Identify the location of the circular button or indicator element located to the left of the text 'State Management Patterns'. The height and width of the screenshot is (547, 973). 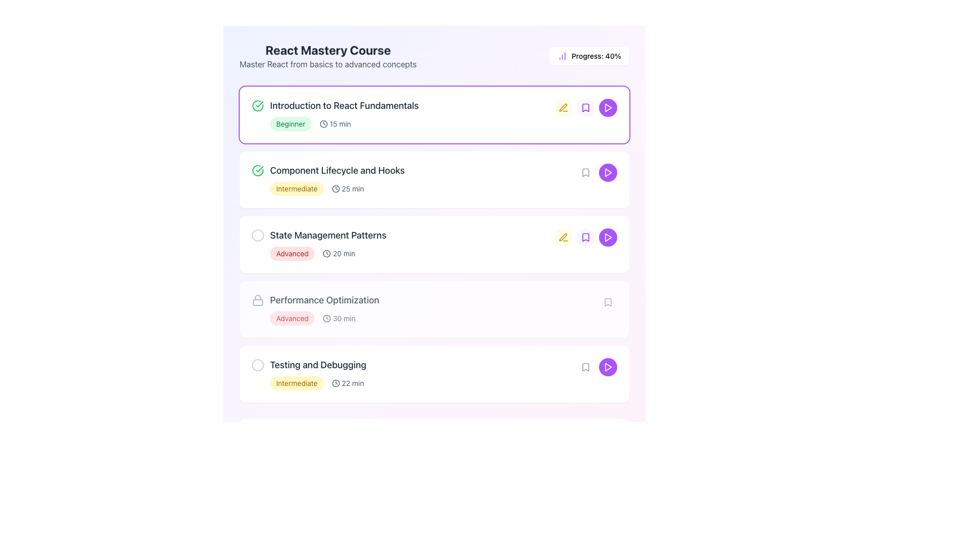
(257, 236).